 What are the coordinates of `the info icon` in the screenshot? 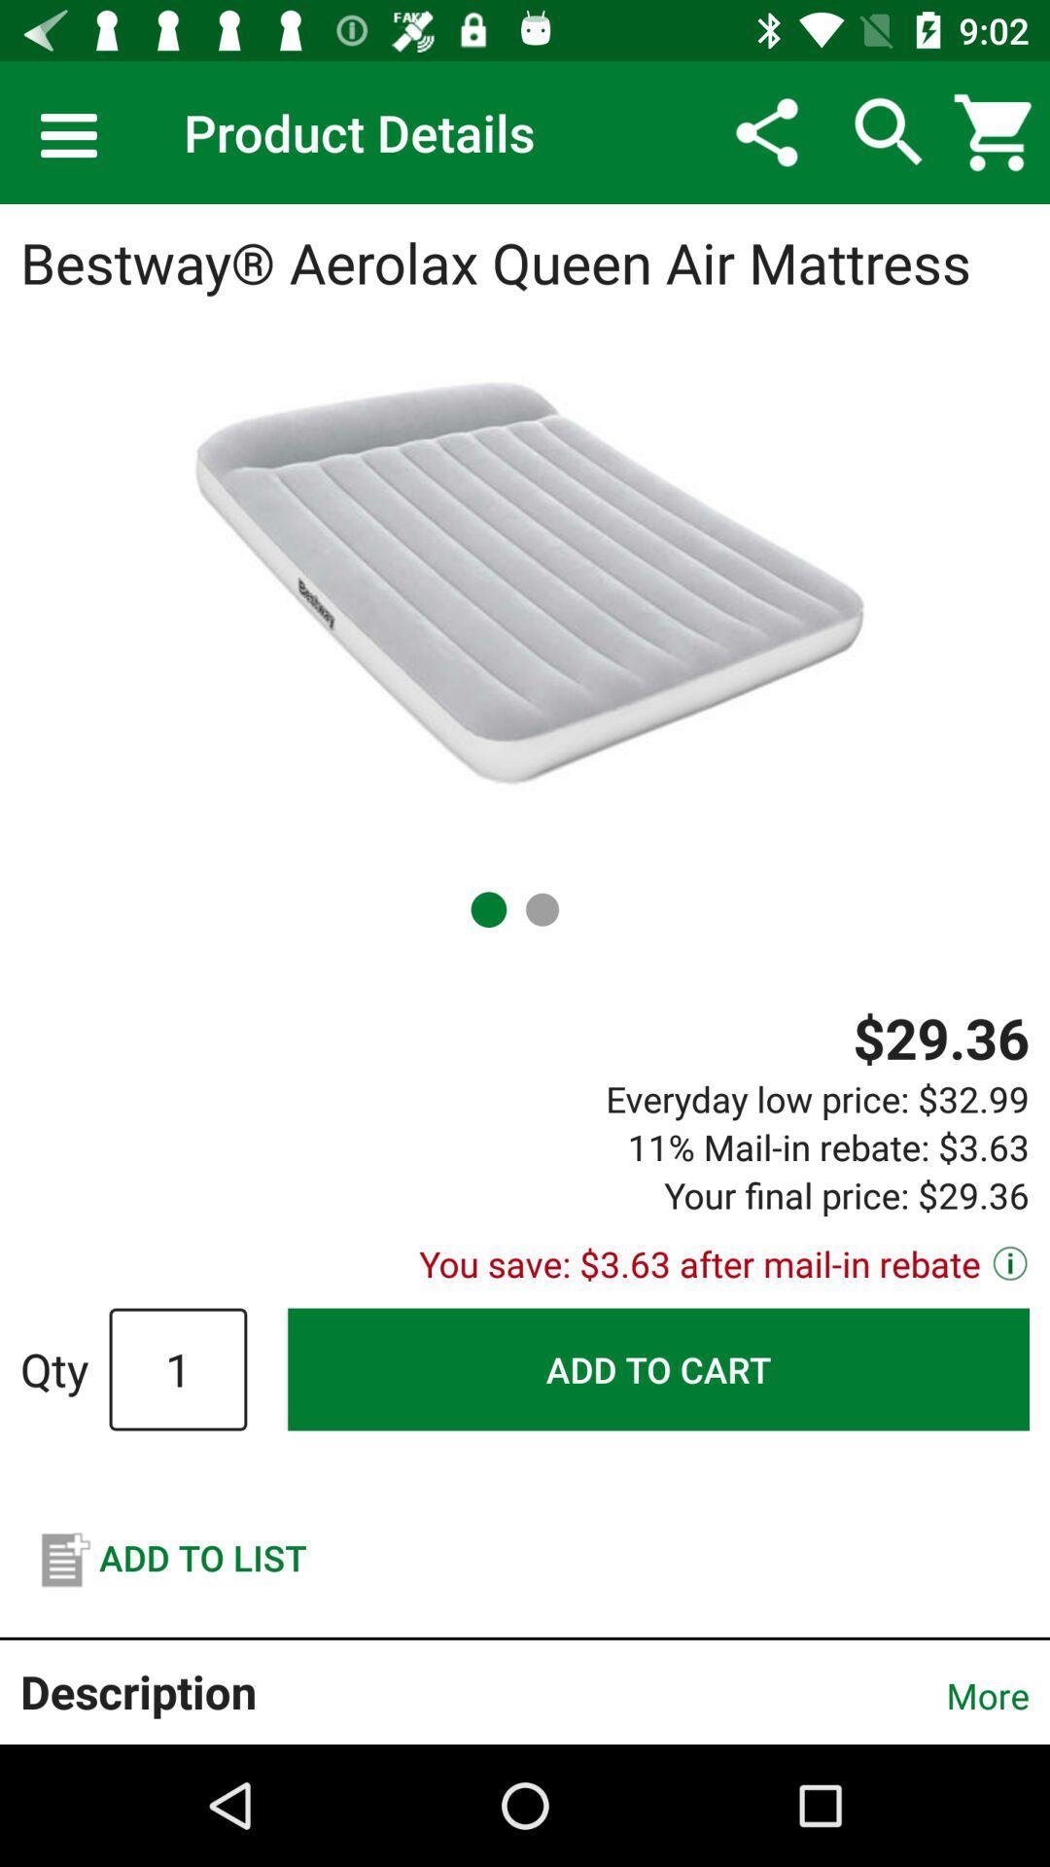 It's located at (1009, 1263).